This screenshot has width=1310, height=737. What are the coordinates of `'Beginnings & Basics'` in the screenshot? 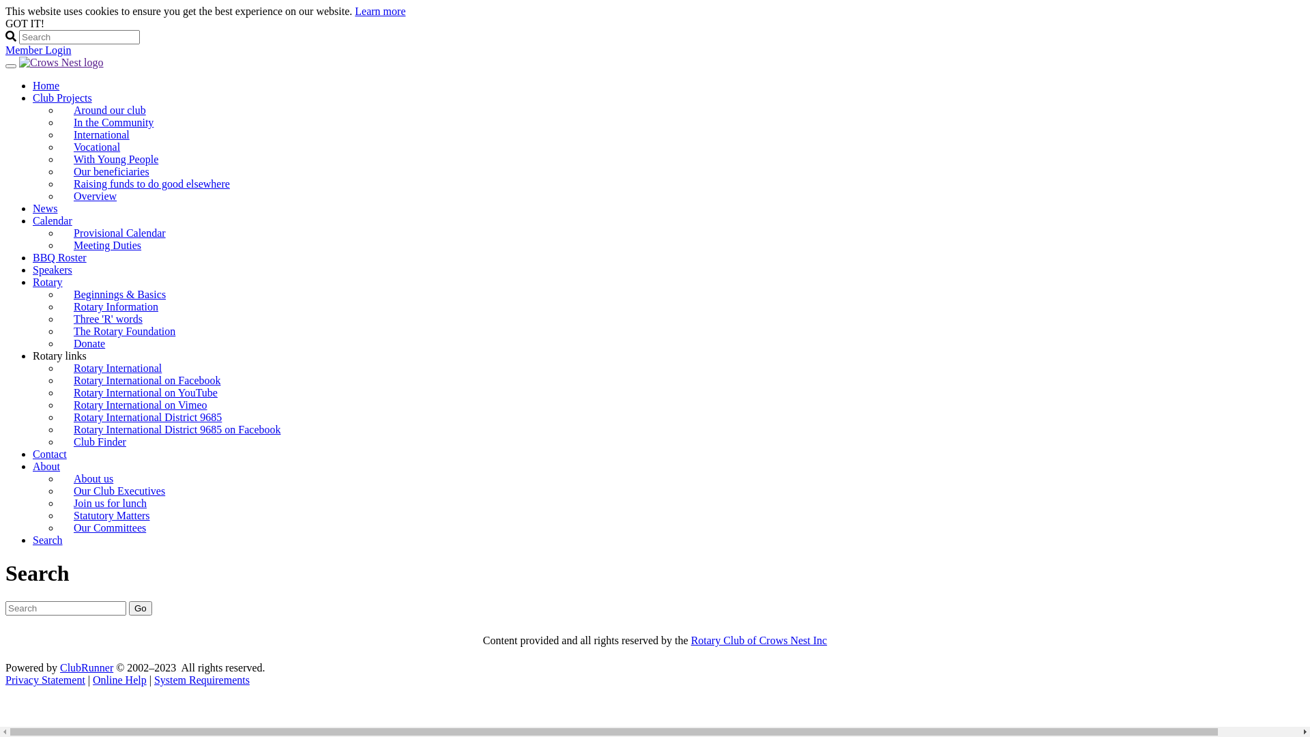 It's located at (119, 293).